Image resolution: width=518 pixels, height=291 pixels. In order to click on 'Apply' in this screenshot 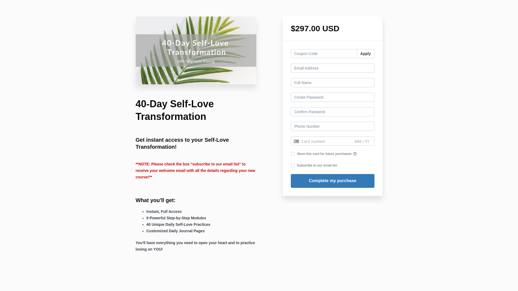, I will do `click(366, 54)`.